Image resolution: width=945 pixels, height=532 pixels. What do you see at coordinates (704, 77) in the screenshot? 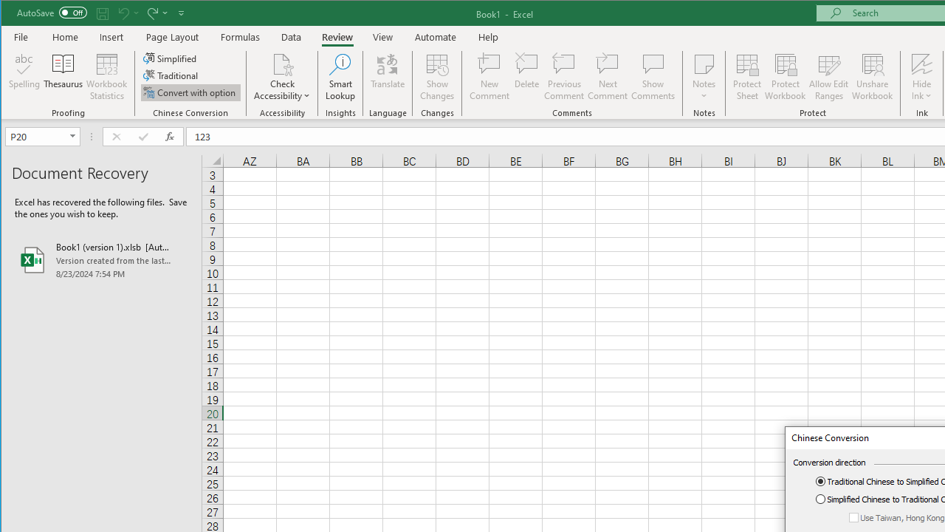
I see `'Notes'` at bounding box center [704, 77].